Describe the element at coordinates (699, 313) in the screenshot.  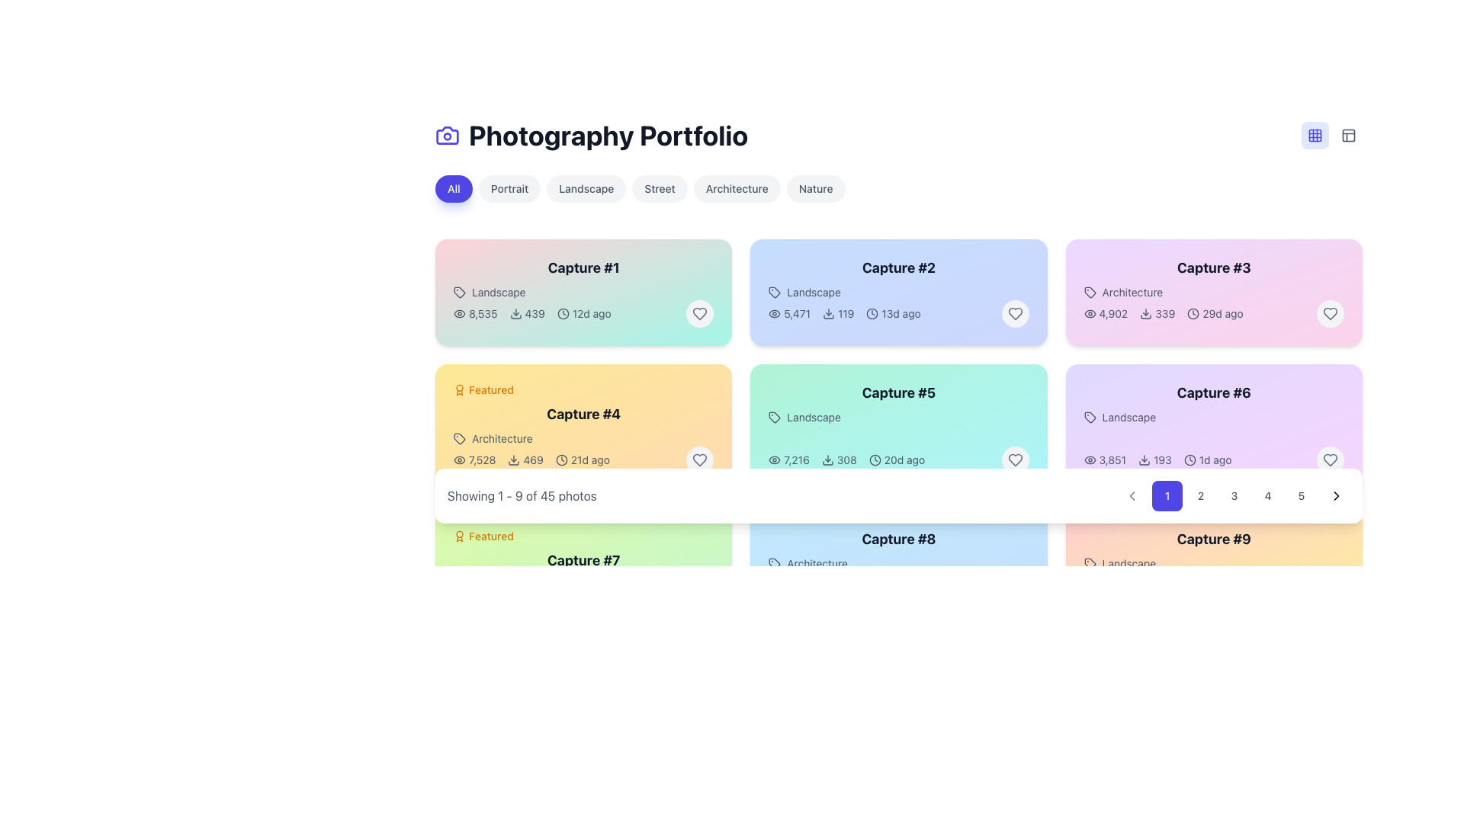
I see `the 'like' button located at the top-right corner of the card labeled 'Capture #1'` at that location.